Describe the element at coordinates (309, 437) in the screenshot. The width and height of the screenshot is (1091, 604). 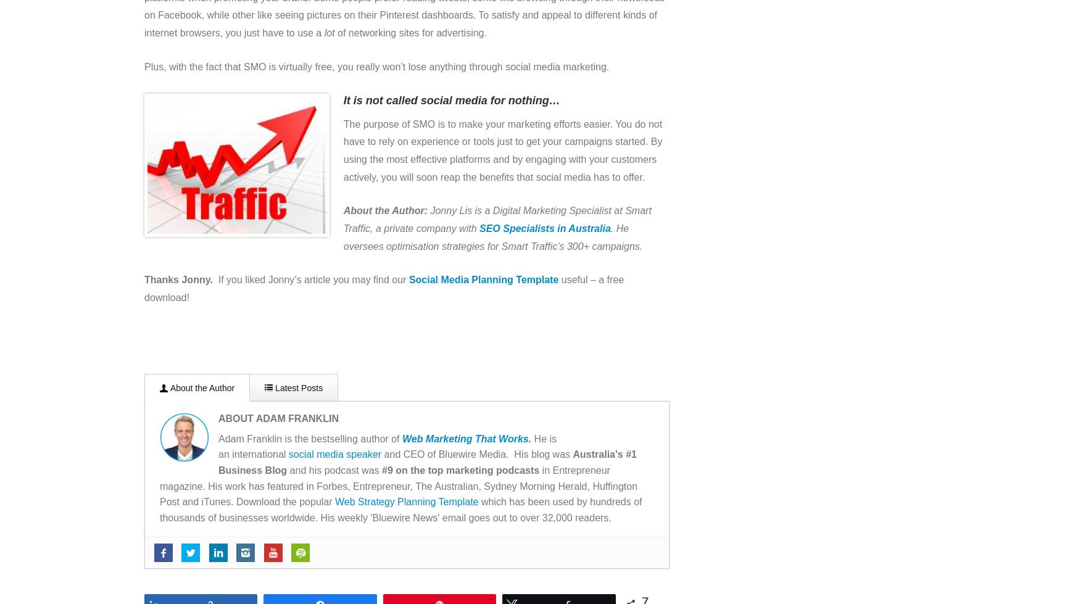
I see `'Adam Franklin is the bestselling author of'` at that location.